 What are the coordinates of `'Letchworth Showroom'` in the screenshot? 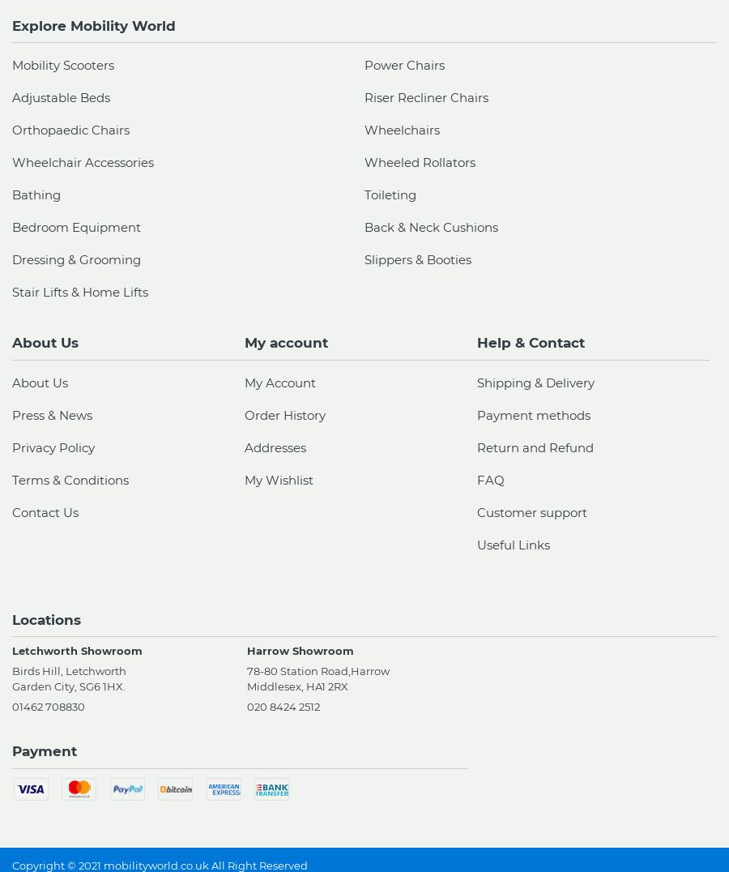 It's located at (76, 651).